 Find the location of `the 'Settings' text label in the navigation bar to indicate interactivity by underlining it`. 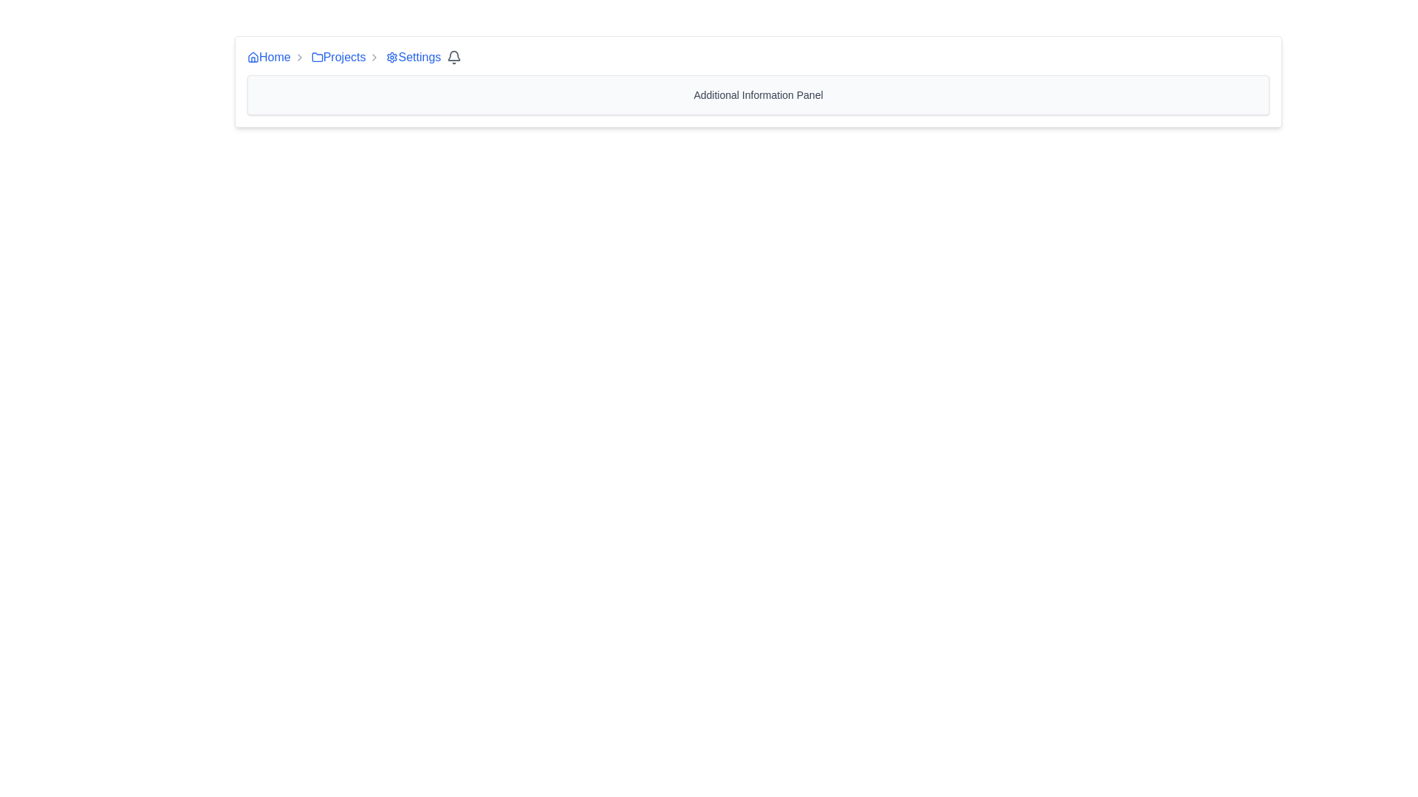

the 'Settings' text label in the navigation bar to indicate interactivity by underlining it is located at coordinates (419, 56).